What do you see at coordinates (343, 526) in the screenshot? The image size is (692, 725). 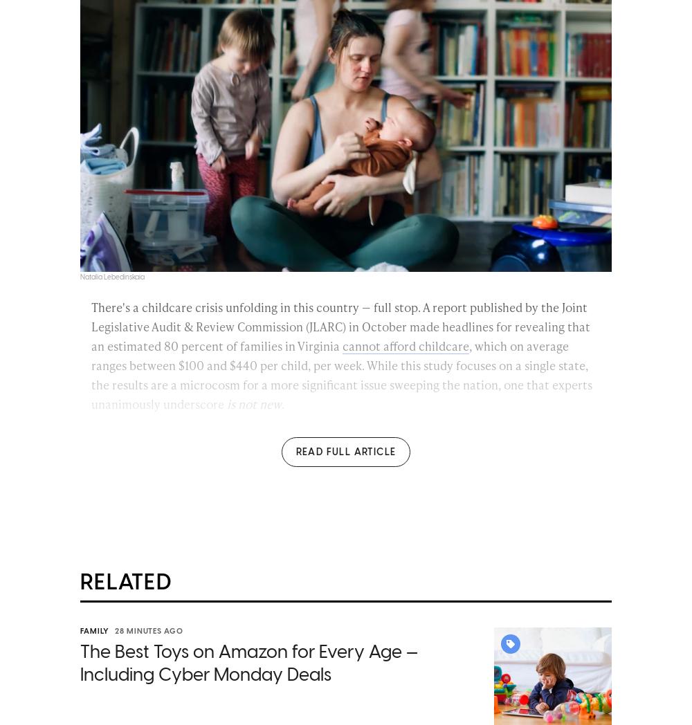 I see `'in Virginia, the average cost of infant care is $14,000 annually, with the median family income being $77,000. Most states demonstrate a direct correlation between average state income and cost of childcare, and when accounting for this, Virginia ranks as the 10th-most expensive state in the US.'` at bounding box center [343, 526].